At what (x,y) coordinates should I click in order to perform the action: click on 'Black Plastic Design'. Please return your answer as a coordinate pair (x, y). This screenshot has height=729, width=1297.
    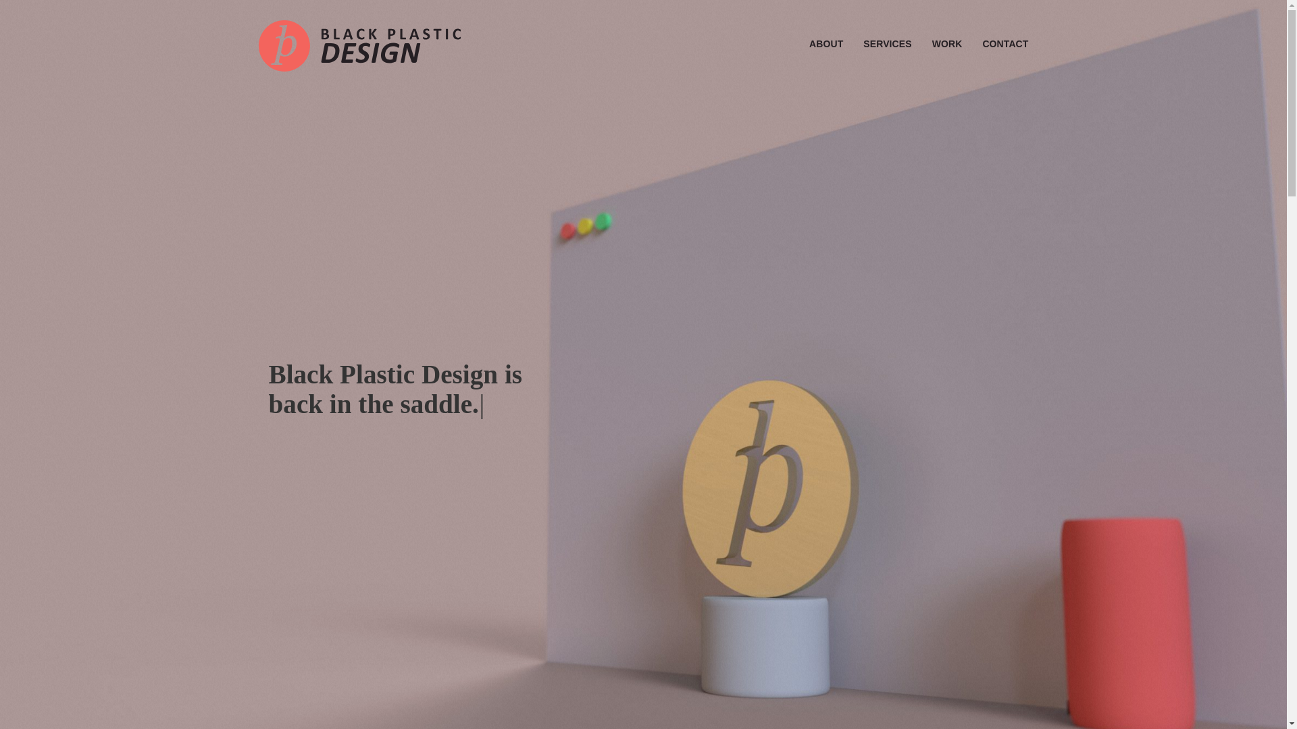
    Looking at the image, I should click on (249, 45).